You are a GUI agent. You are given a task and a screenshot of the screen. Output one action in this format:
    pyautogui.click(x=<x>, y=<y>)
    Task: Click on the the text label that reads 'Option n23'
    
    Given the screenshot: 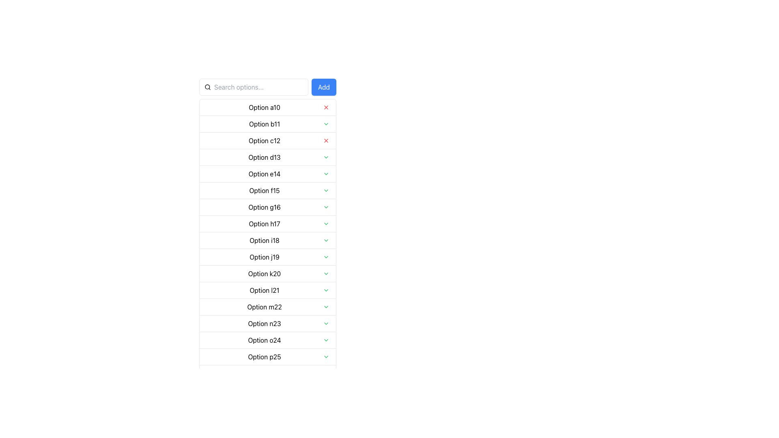 What is the action you would take?
    pyautogui.click(x=265, y=323)
    